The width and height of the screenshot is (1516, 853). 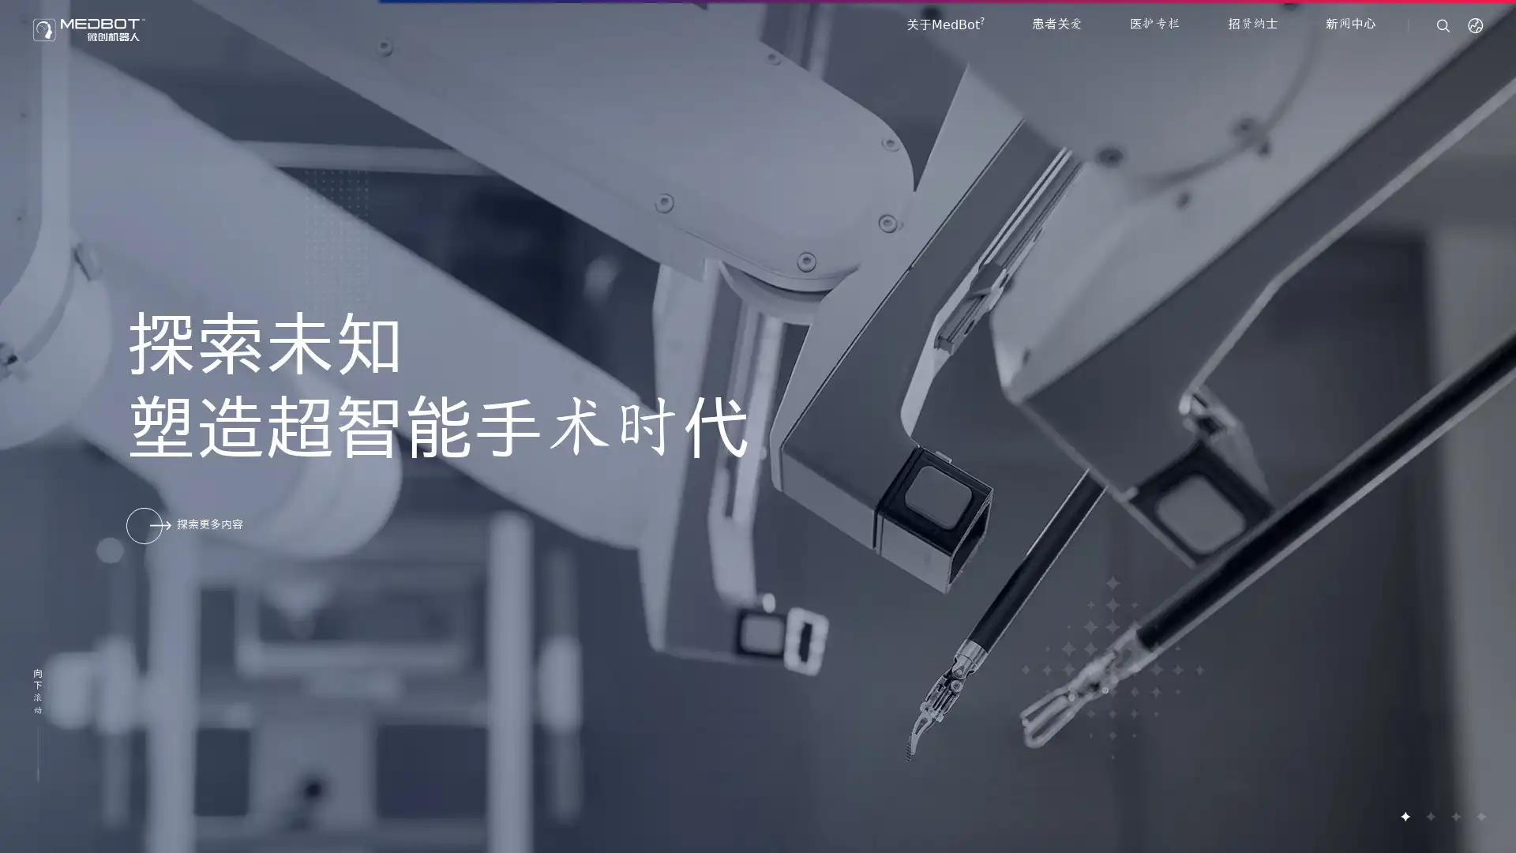 What do you see at coordinates (1480, 816) in the screenshot?
I see `Go to slide 4` at bounding box center [1480, 816].